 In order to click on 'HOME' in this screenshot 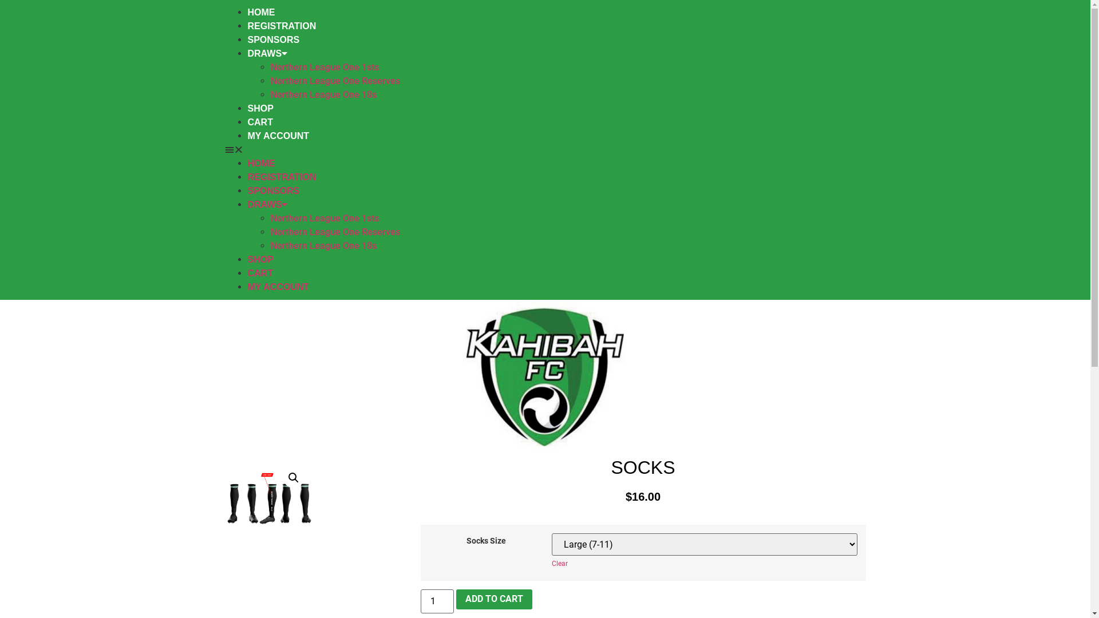, I will do `click(247, 163)`.